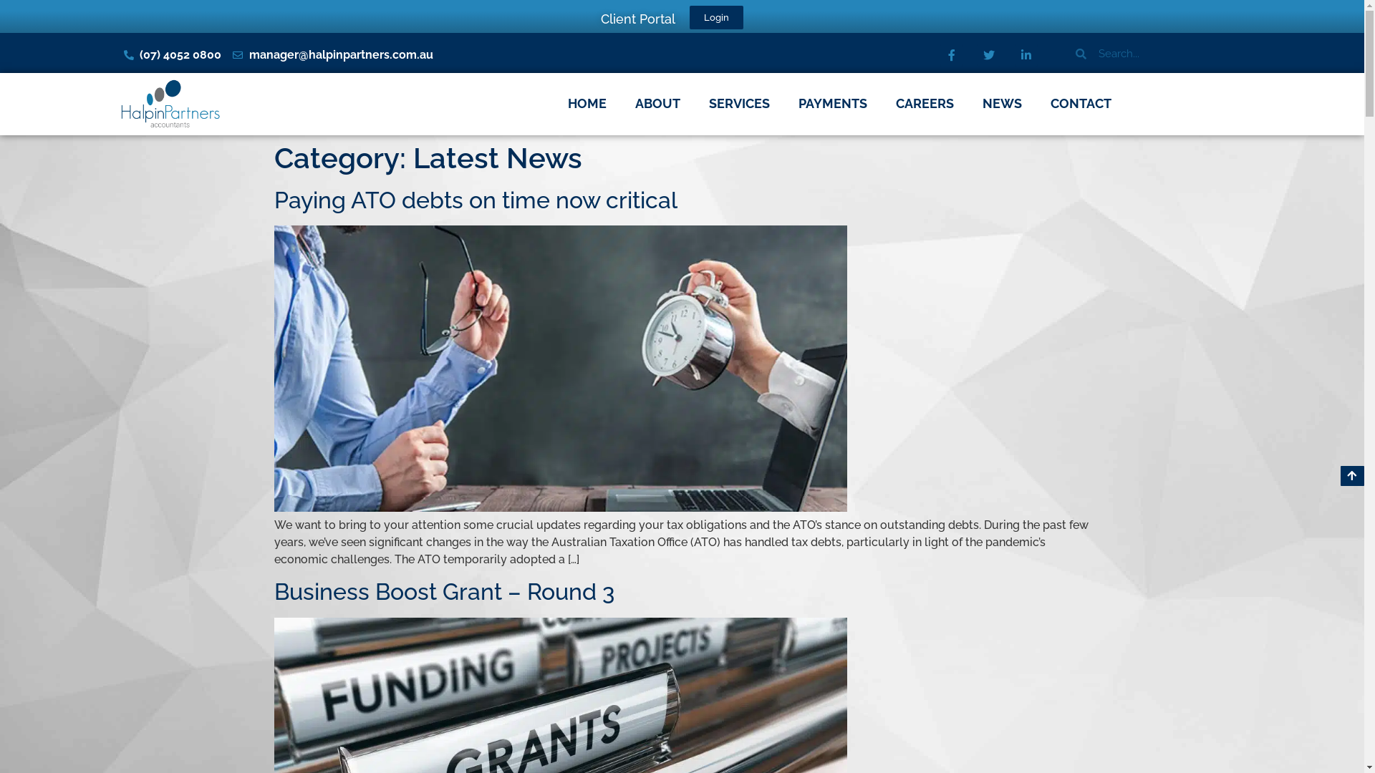  What do you see at coordinates (172, 54) in the screenshot?
I see `'(07) 4052 0800'` at bounding box center [172, 54].